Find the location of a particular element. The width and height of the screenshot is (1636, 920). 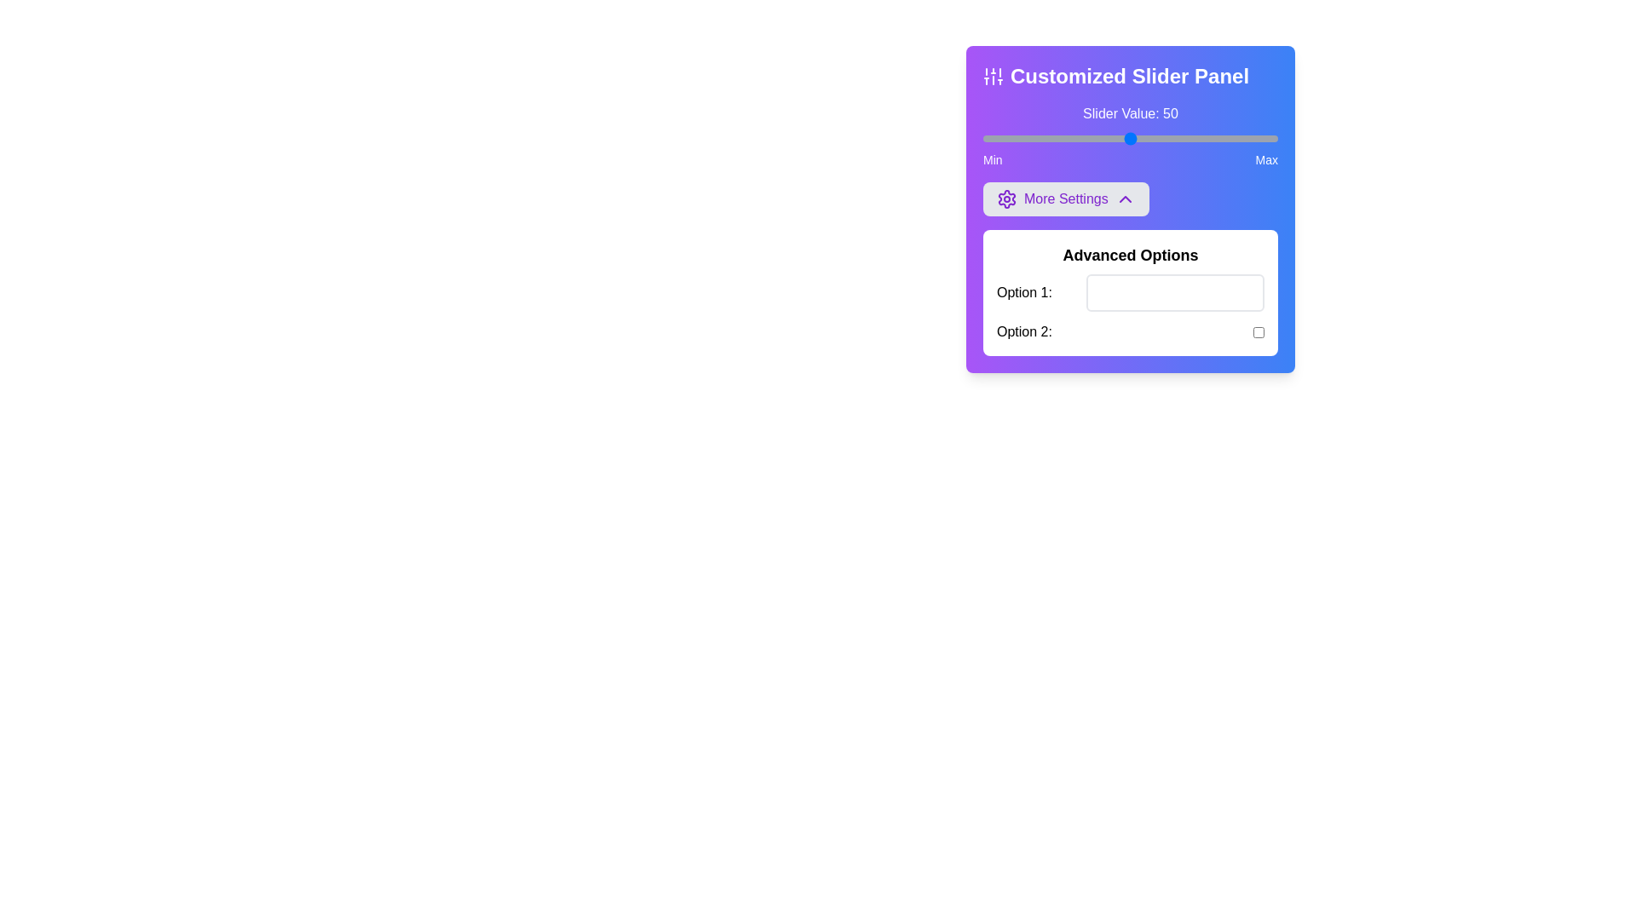

text content of the Header Label located at the top of the options section, just below the 'More Settings' toggle button is located at coordinates (1130, 256).